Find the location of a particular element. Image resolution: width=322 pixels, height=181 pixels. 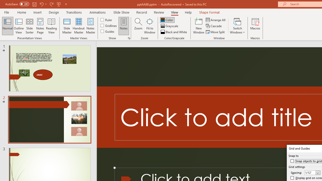

'Black and White' is located at coordinates (174, 32).